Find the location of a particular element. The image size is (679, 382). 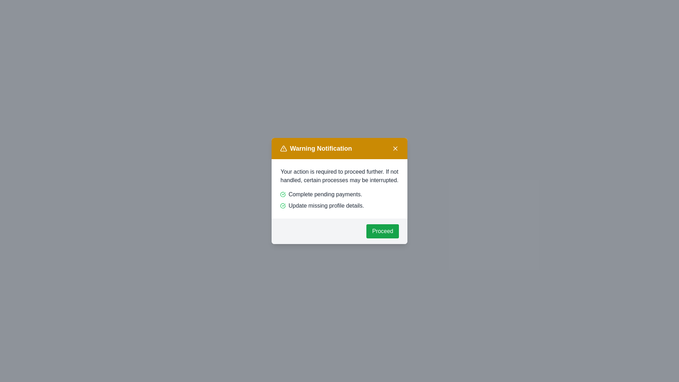

the bold text element reading 'Warning Notification', which is styled with a large font size and located inside a yellow colored box at the top of a notification popup is located at coordinates (315, 148).